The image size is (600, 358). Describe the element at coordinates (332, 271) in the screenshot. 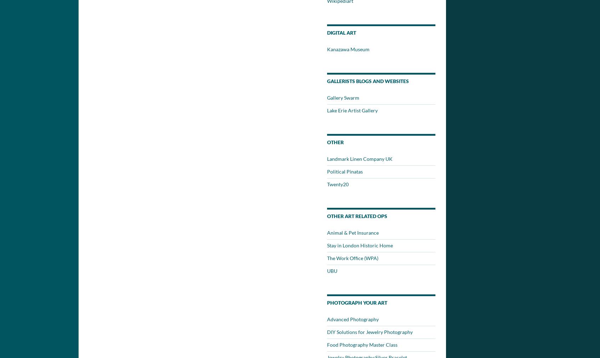

I see `'UBU'` at that location.